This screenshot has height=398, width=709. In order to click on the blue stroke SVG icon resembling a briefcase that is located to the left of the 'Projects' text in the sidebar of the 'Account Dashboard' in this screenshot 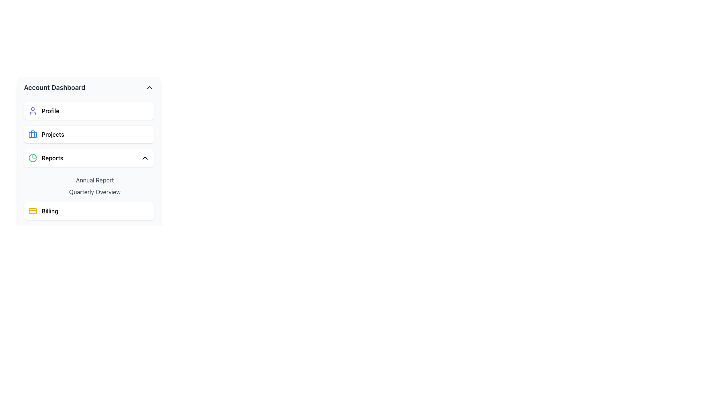, I will do `click(32, 135)`.